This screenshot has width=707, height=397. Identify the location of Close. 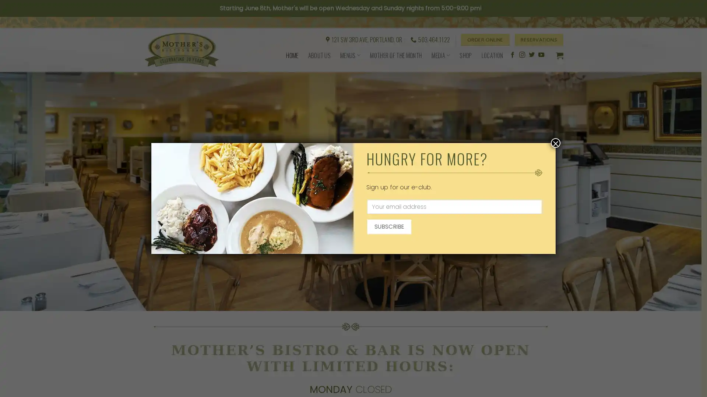
(555, 143).